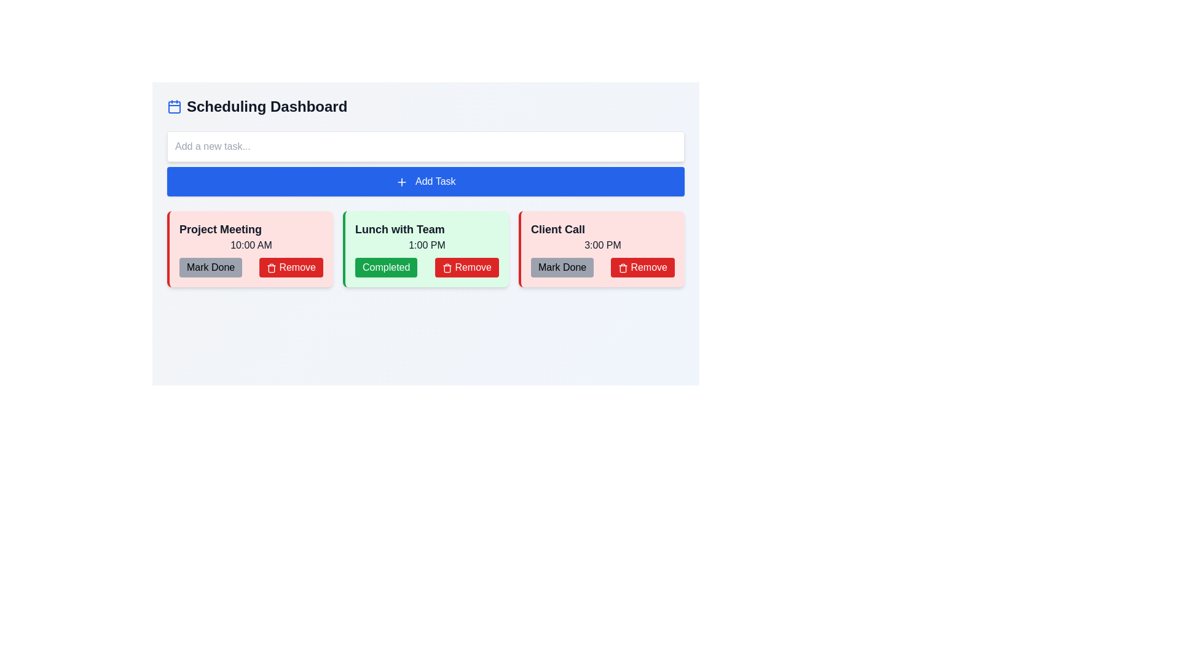 Image resolution: width=1180 pixels, height=663 pixels. I want to click on the 'Mark Done' button with a light gray background and black text, so click(211, 266).